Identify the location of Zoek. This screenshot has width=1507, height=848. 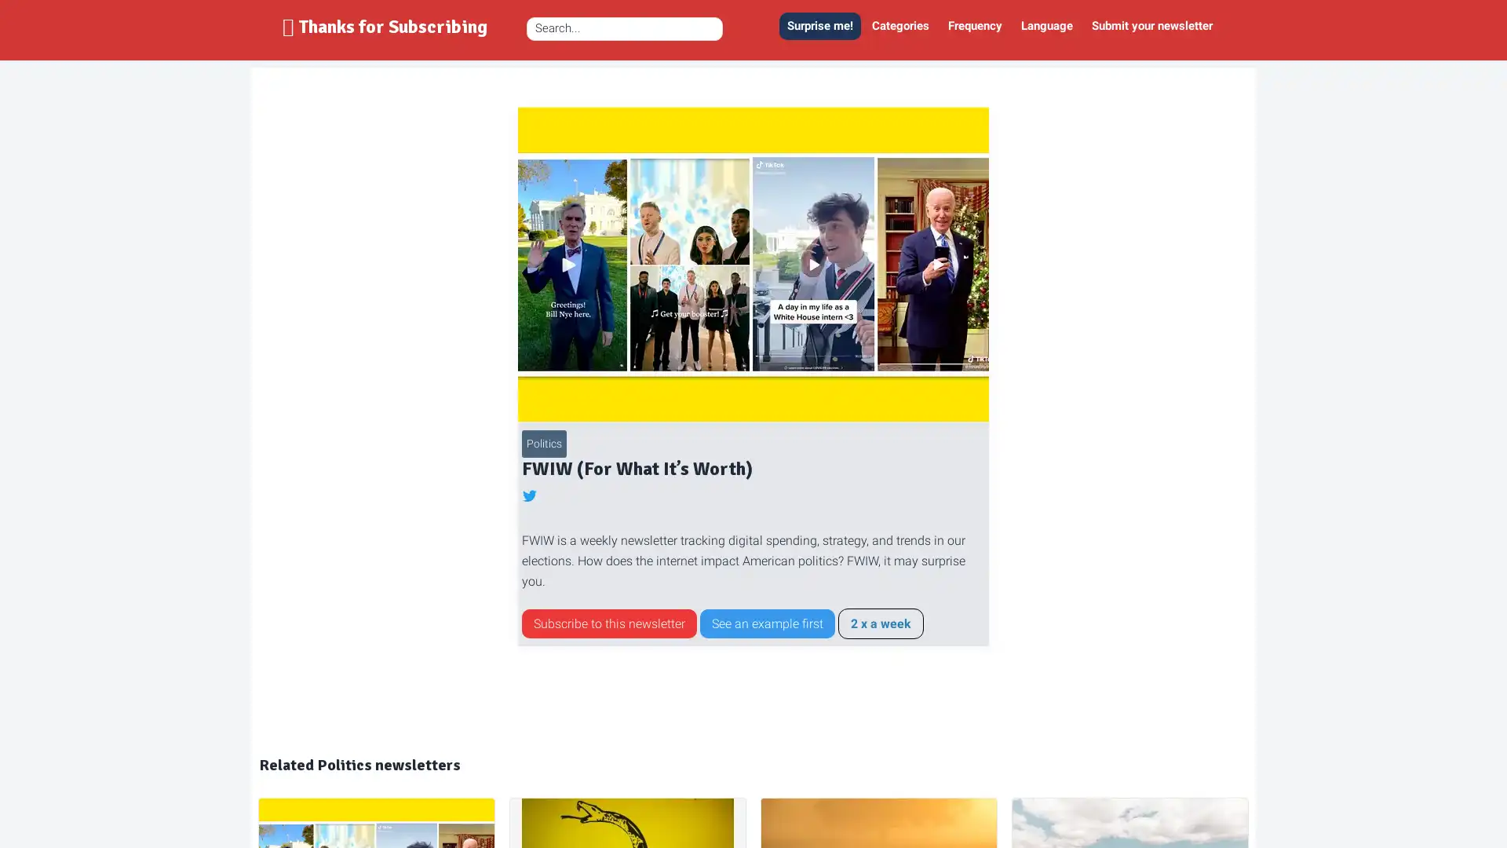
(721, 27).